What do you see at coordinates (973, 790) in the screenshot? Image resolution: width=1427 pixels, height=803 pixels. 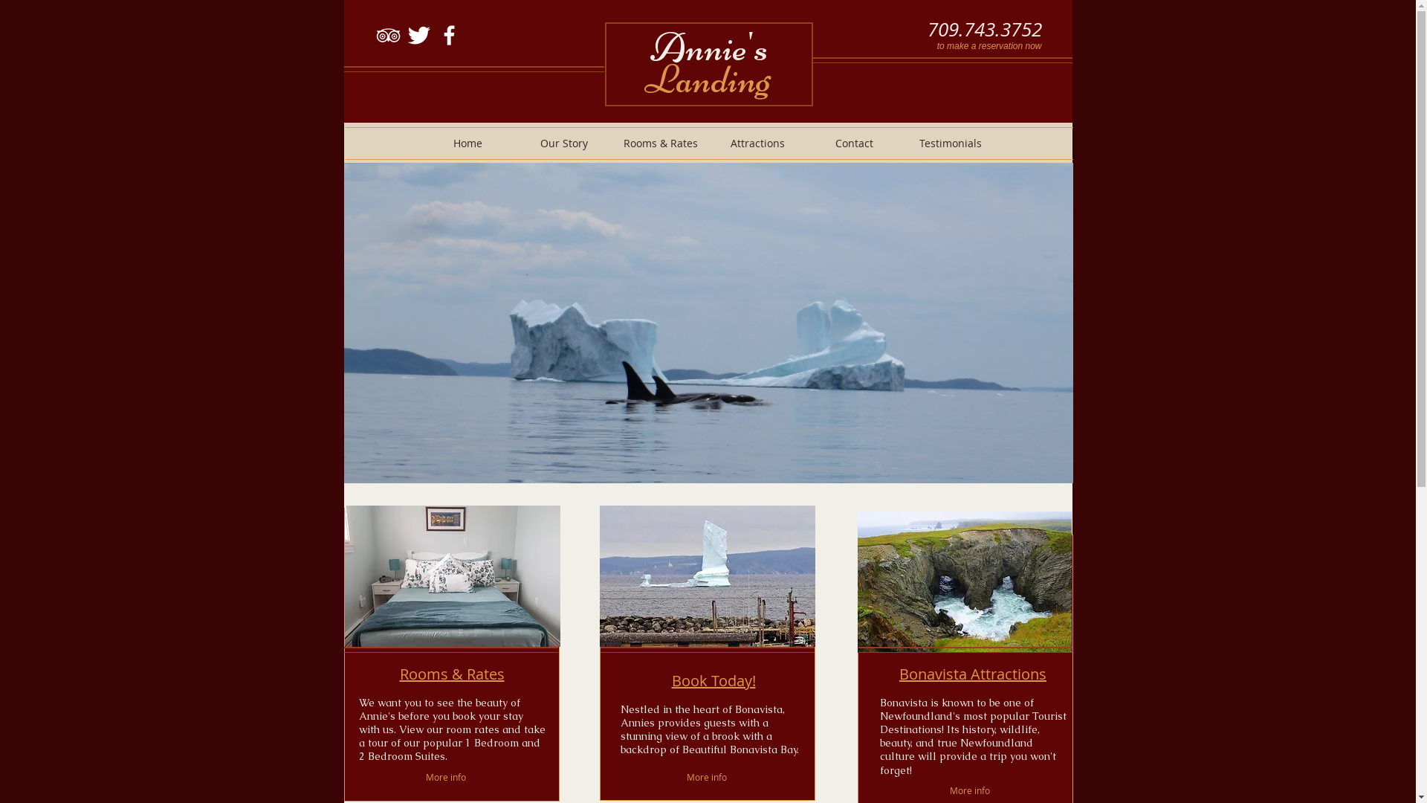 I see `'More info'` at bounding box center [973, 790].